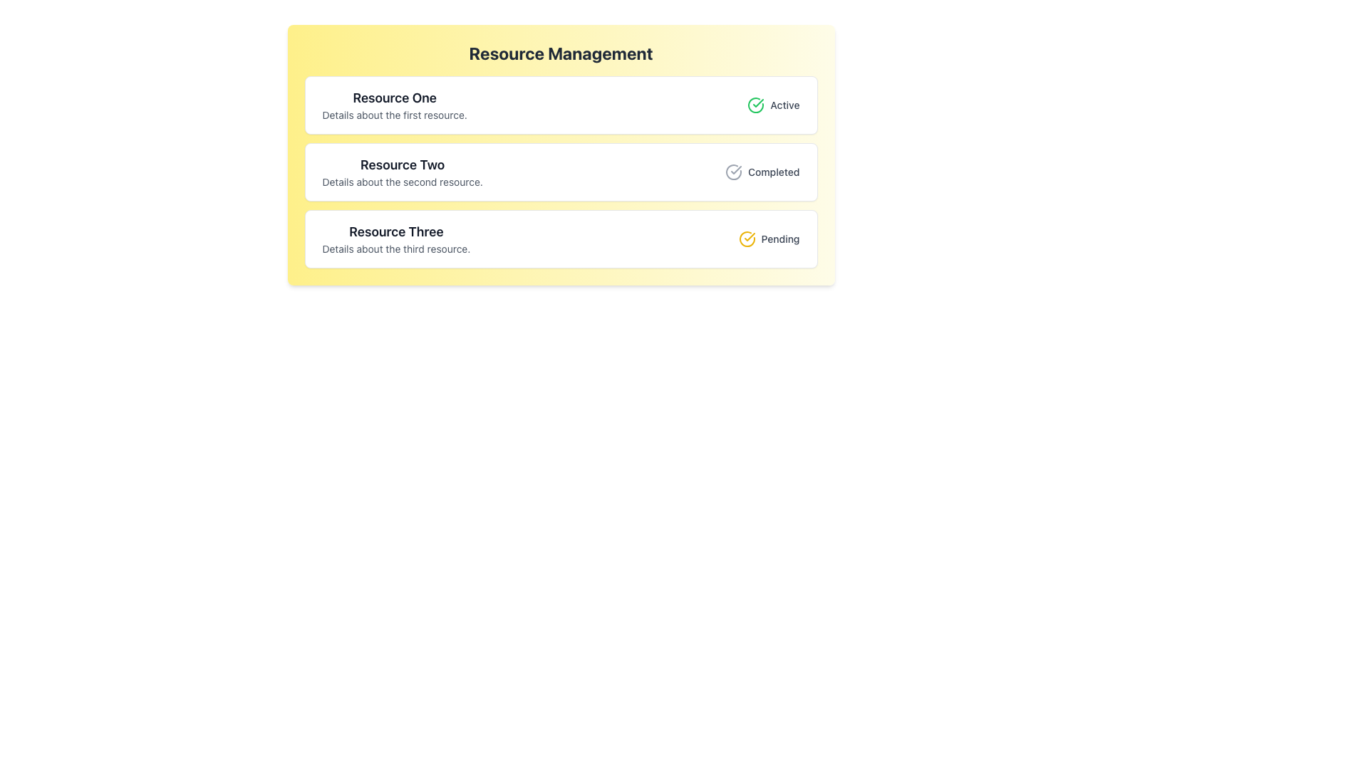  What do you see at coordinates (772, 104) in the screenshot?
I see `text label 'Active' next to the green check mark icon in the topmost box labeled 'Resource One' to confirm its status` at bounding box center [772, 104].